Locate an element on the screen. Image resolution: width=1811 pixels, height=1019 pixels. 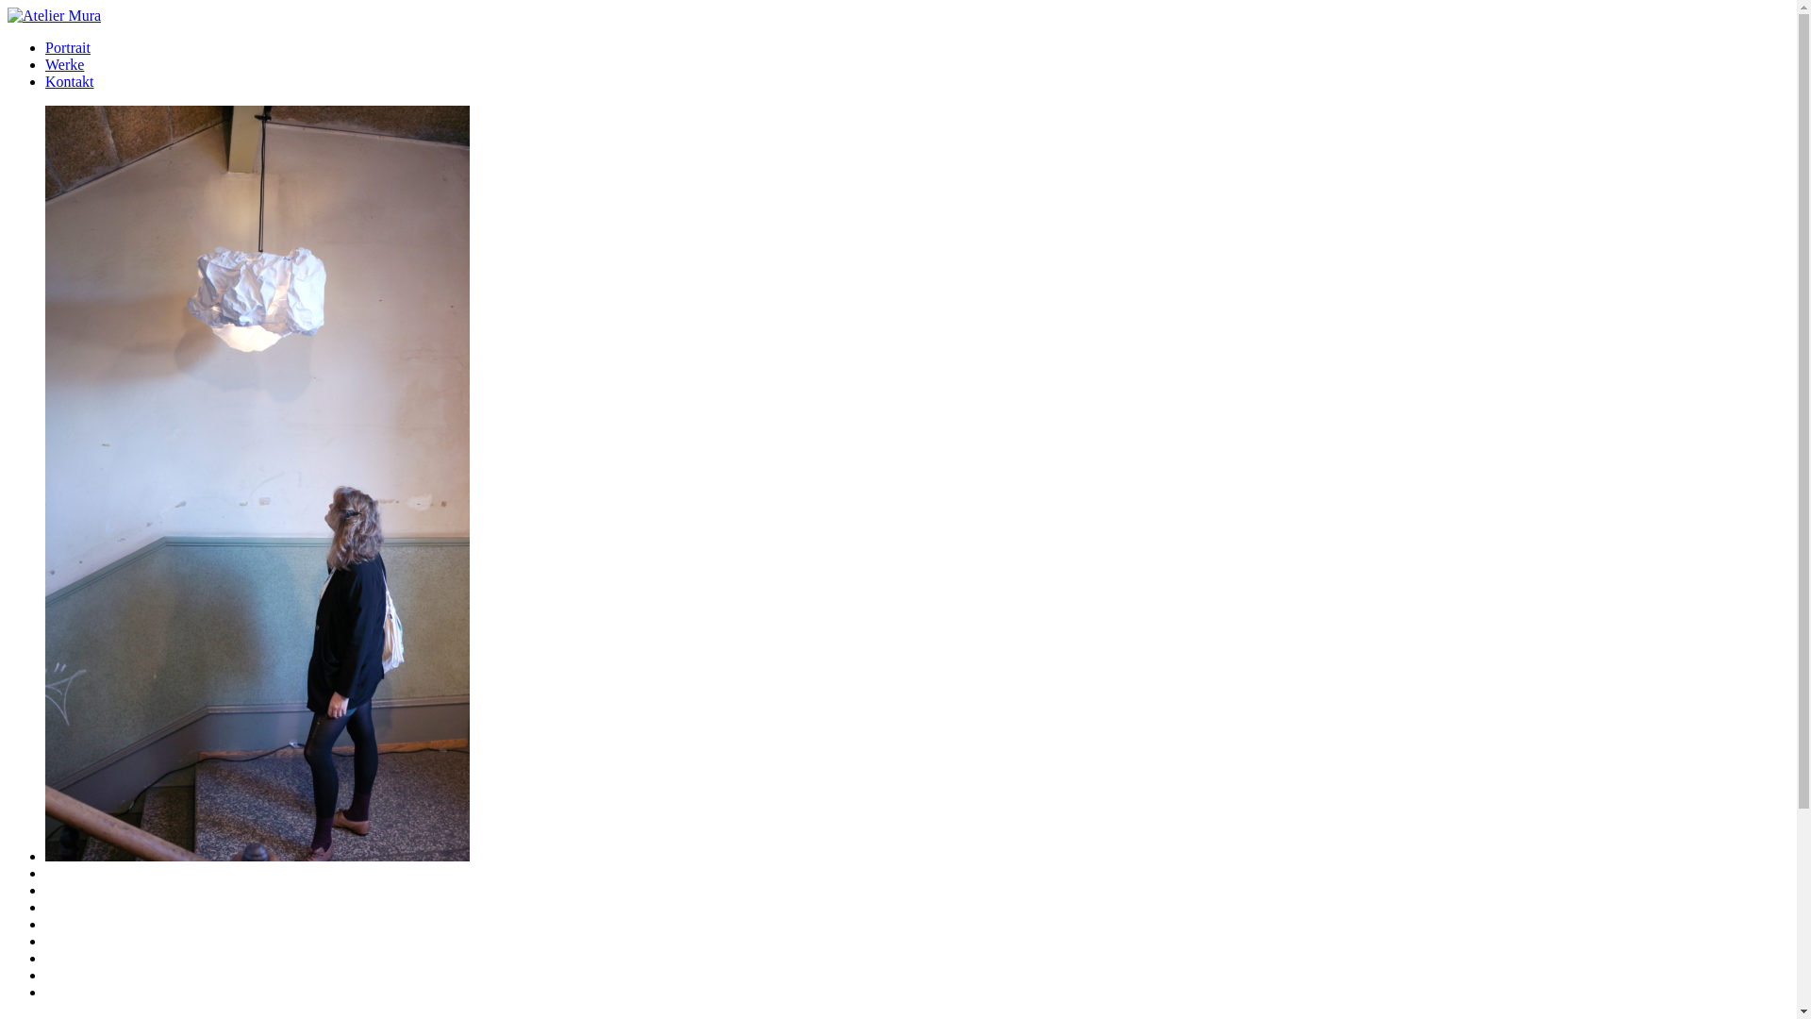
'Werke' is located at coordinates (64, 63).